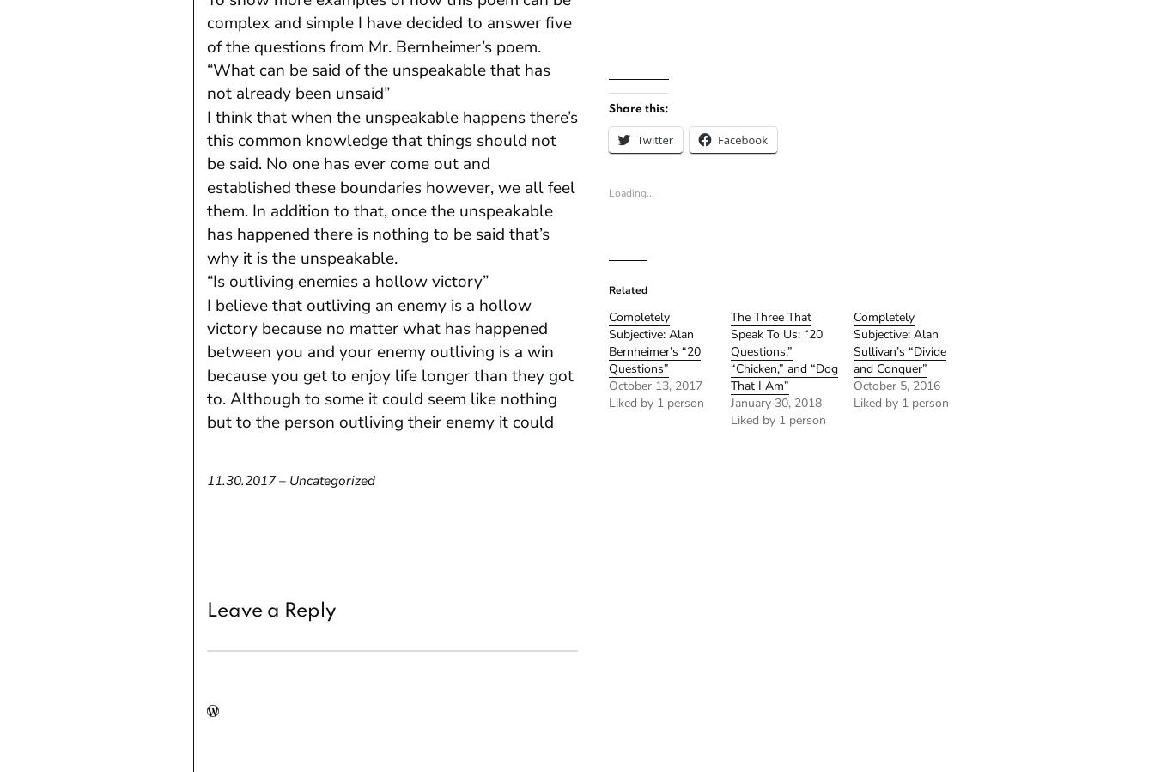  I want to click on 'Leave a Reply', so click(270, 610).